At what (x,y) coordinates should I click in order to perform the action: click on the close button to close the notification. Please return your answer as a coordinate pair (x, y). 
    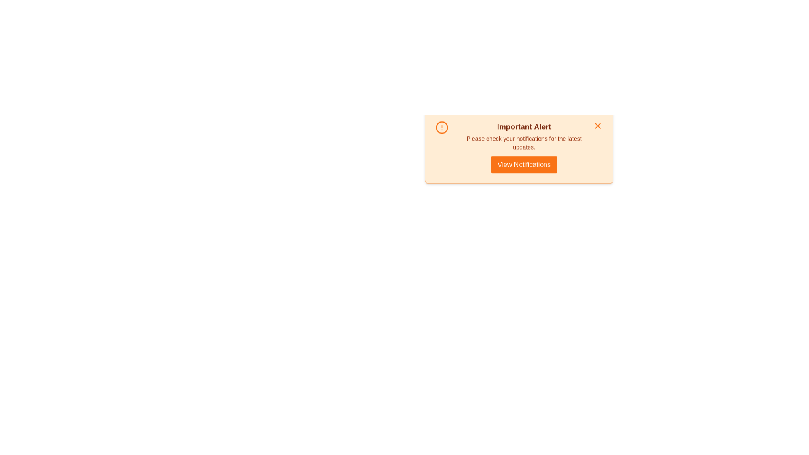
    Looking at the image, I should click on (597, 132).